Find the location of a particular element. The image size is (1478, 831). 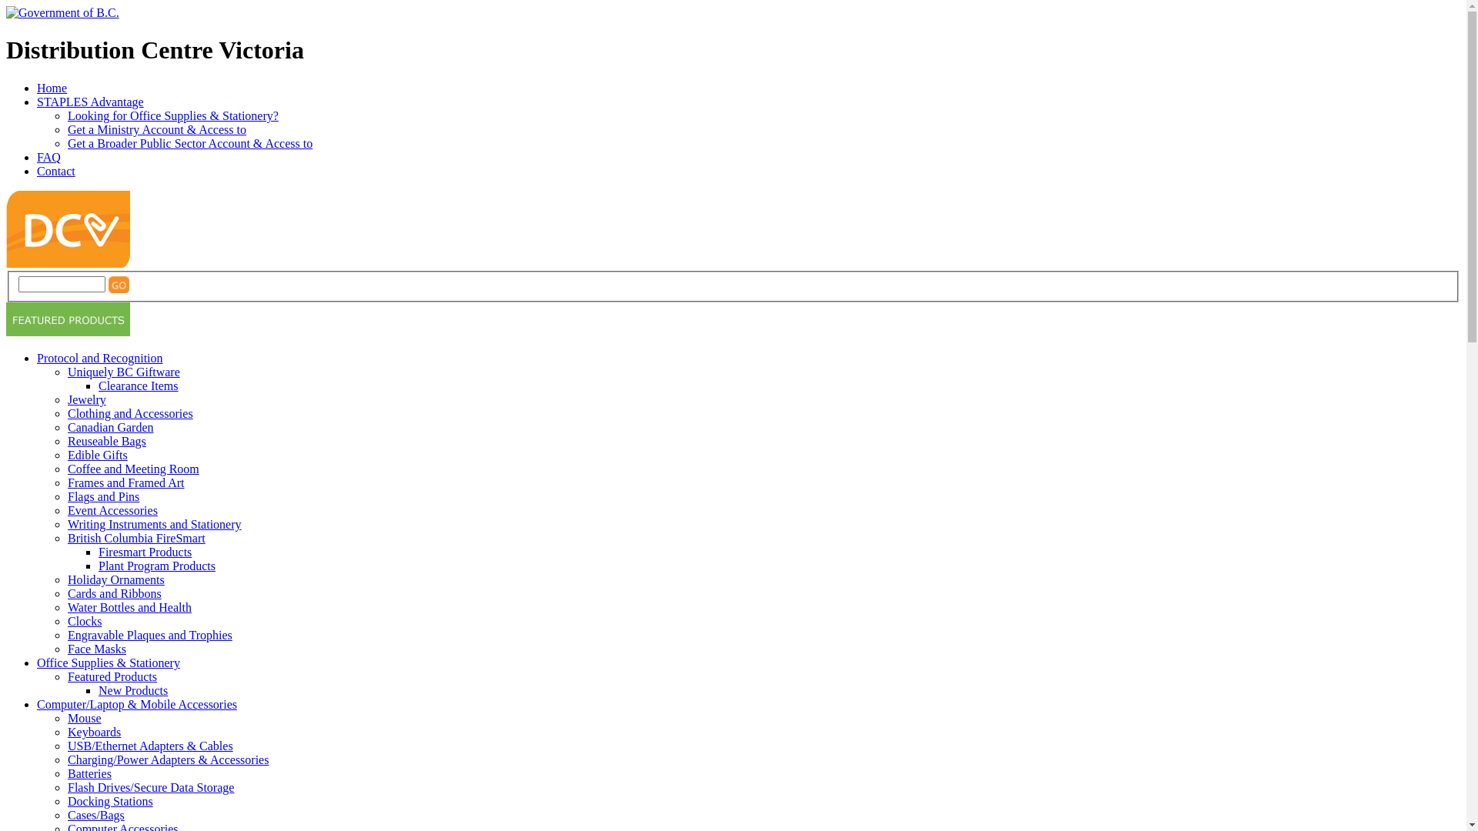

'Engravable Plaques and Trophies' is located at coordinates (150, 635).